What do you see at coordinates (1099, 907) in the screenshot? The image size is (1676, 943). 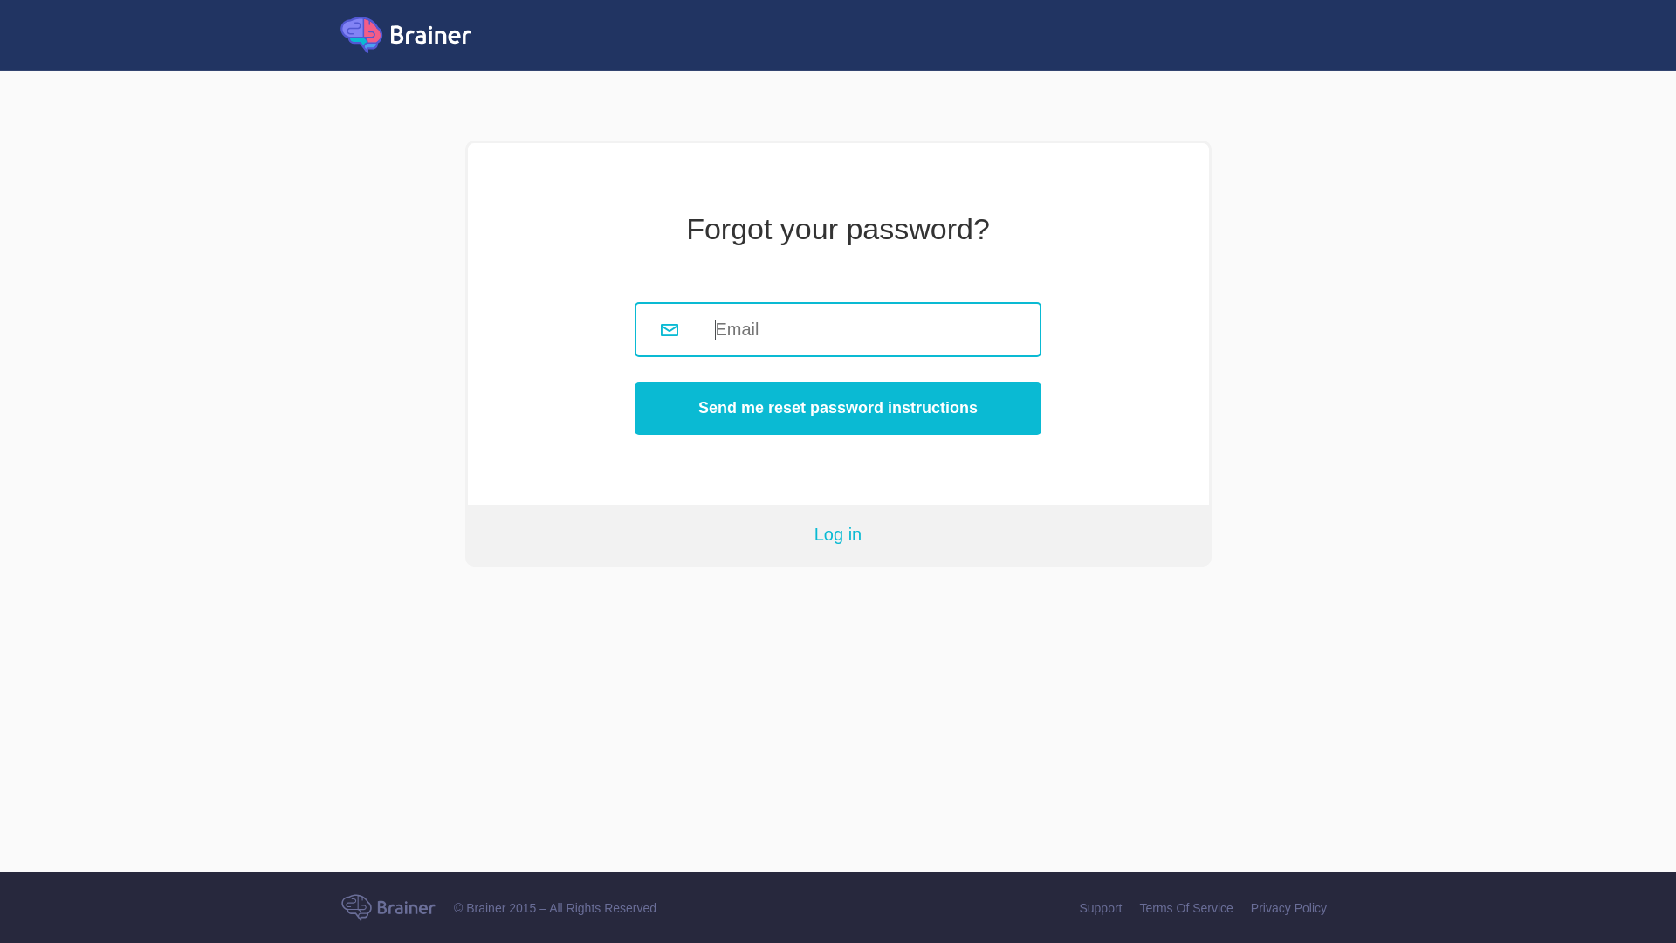 I see `'Support'` at bounding box center [1099, 907].